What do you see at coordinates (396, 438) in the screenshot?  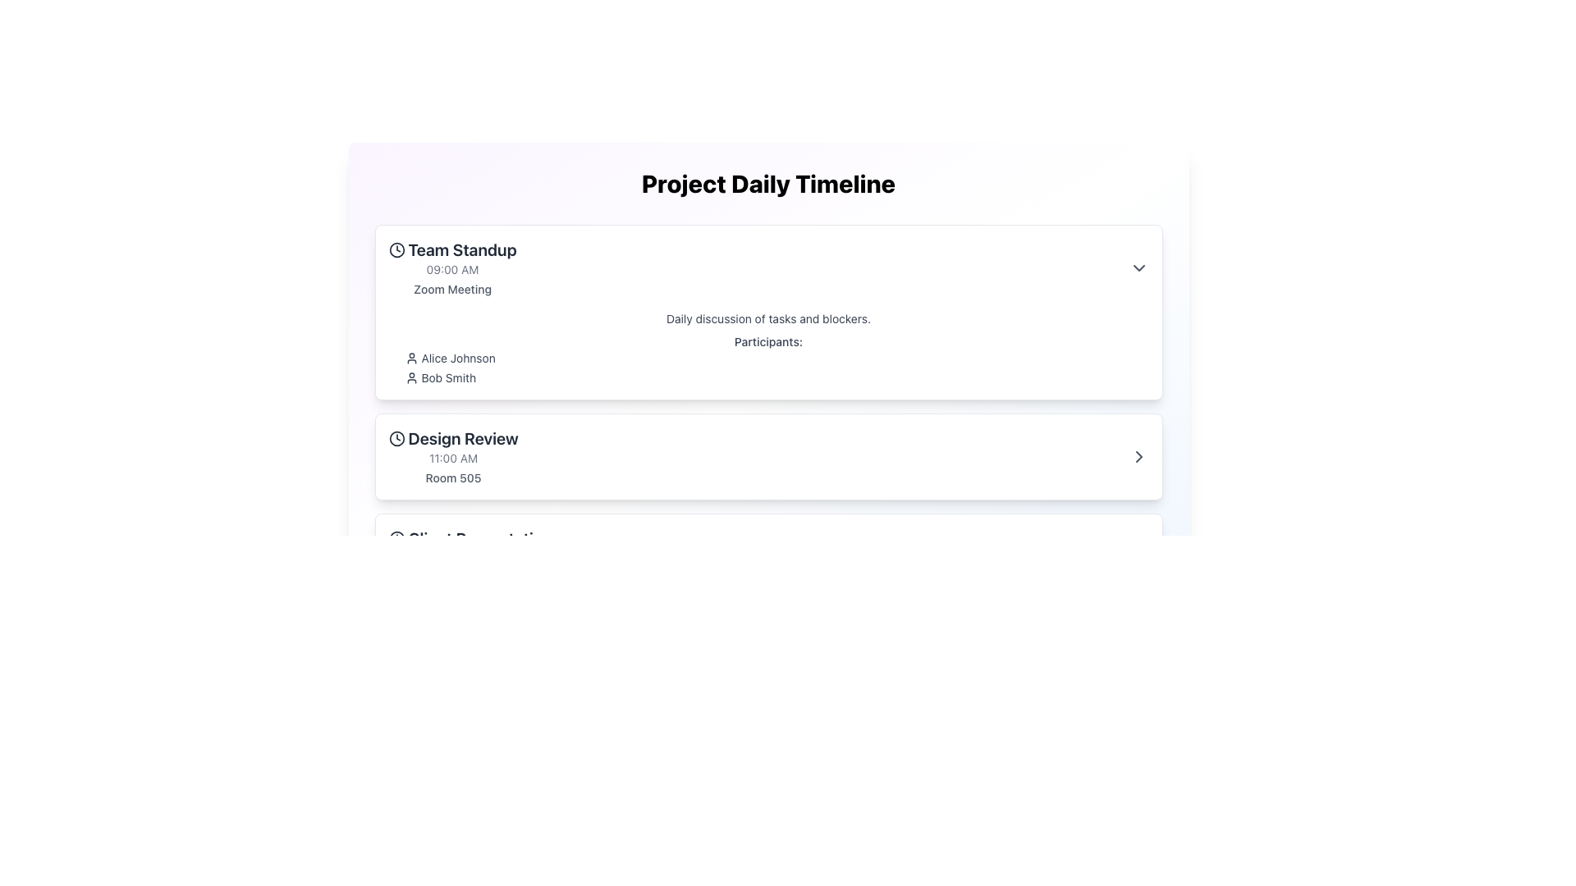 I see `the circular vector graphic located at the center of the clock icon within the card layout, which is positioned to the left of the 'Design Review' text` at bounding box center [396, 438].